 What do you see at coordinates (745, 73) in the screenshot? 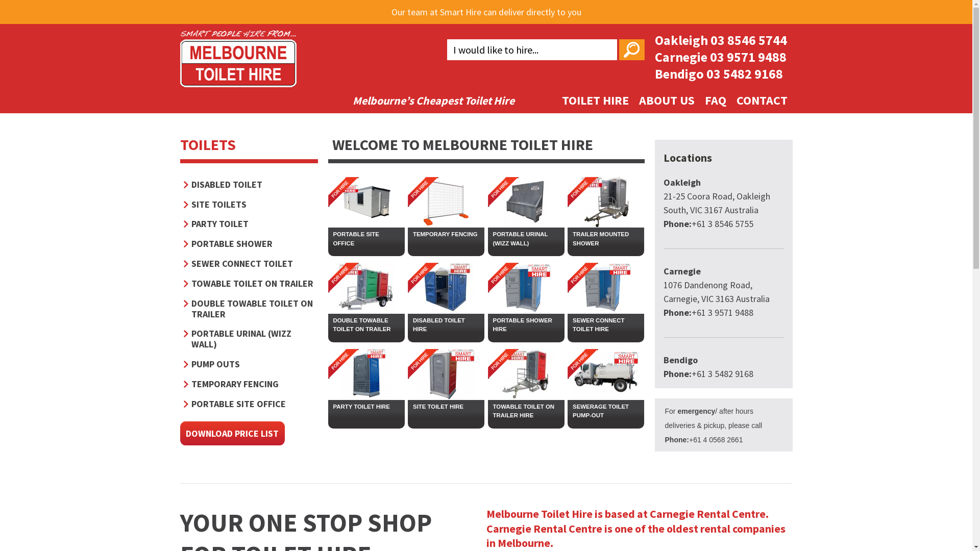
I see `'03 5482 9168'` at bounding box center [745, 73].